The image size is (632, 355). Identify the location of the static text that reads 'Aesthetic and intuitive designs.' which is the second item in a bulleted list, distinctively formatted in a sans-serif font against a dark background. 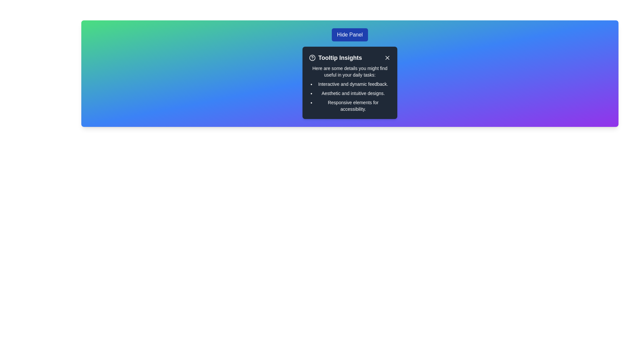
(353, 93).